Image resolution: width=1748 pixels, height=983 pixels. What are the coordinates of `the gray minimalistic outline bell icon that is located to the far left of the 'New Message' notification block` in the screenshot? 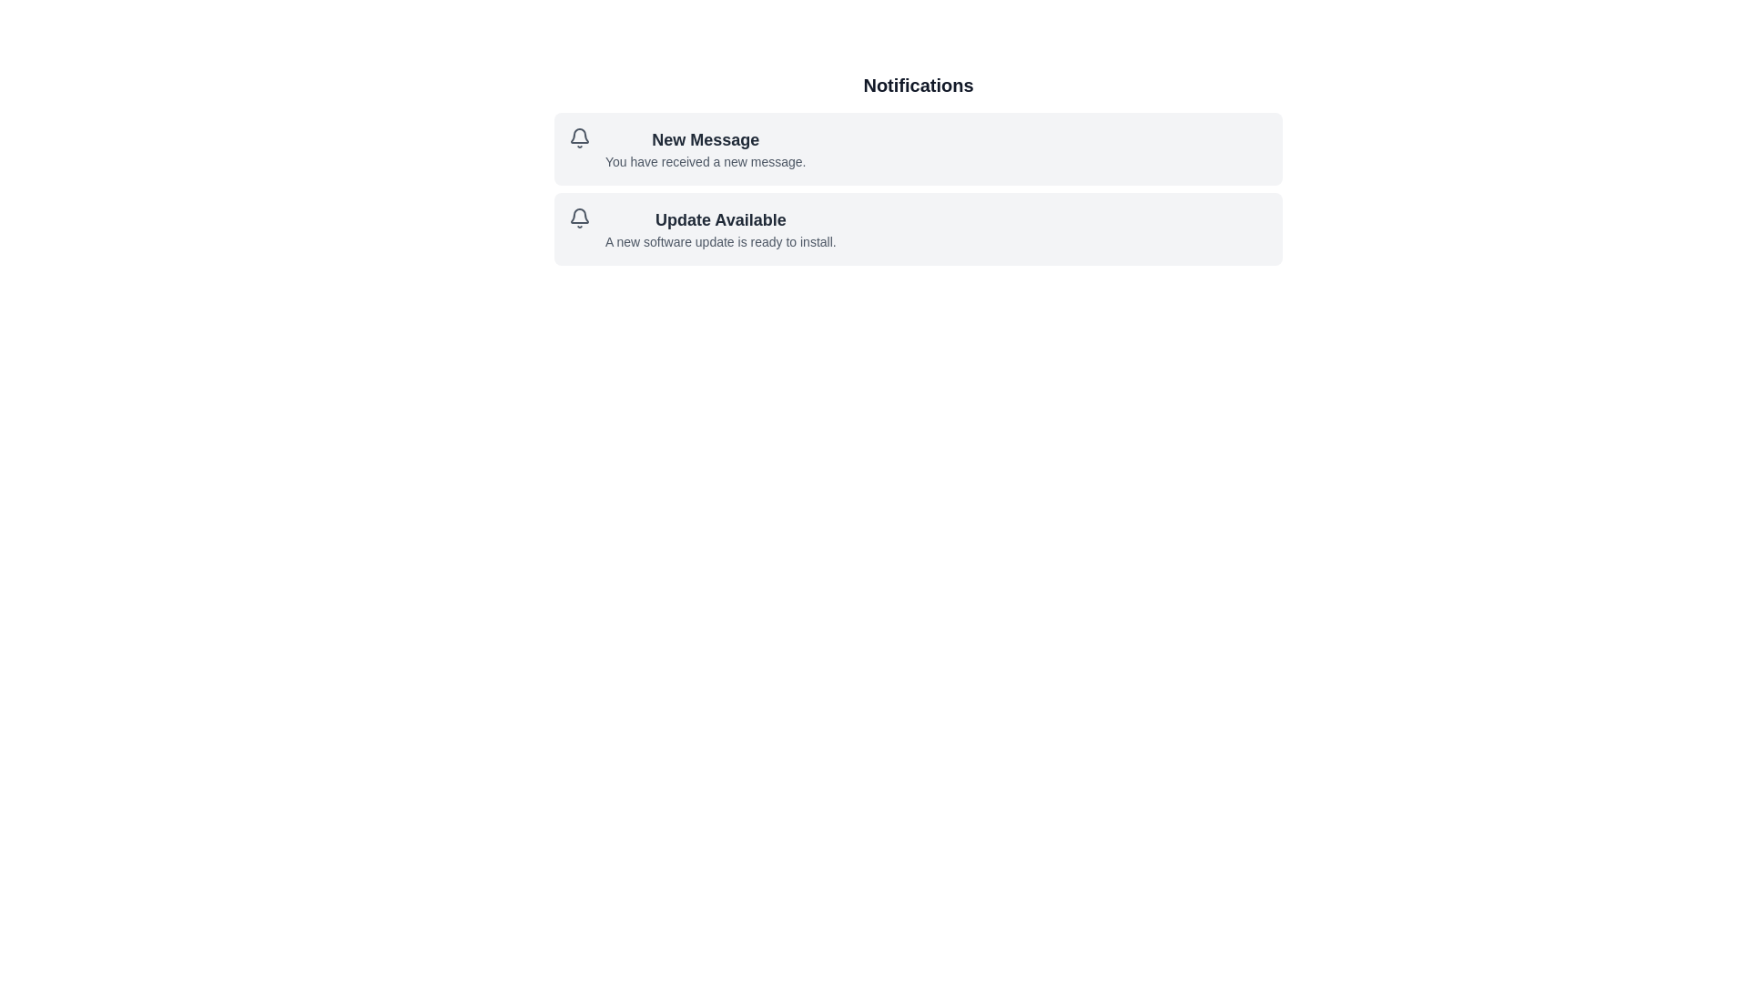 It's located at (579, 137).